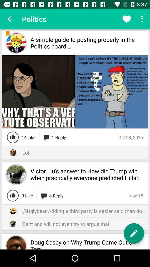  What do you see at coordinates (111, 92) in the screenshot?
I see `the image above oct 28 2015` at bounding box center [111, 92].